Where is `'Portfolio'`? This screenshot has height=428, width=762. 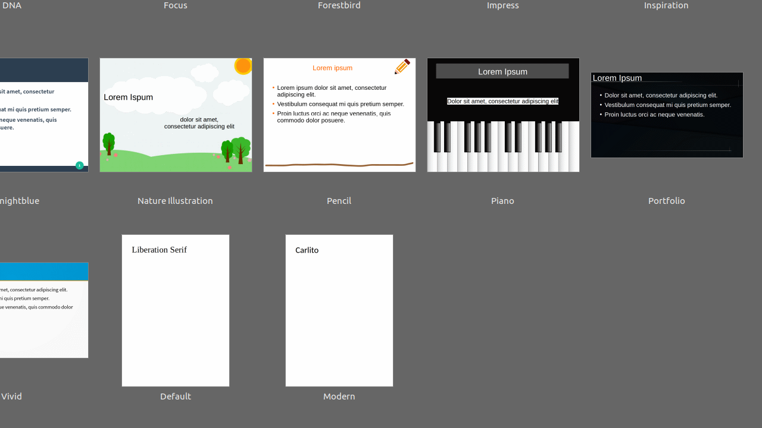 'Portfolio' is located at coordinates (667, 124).